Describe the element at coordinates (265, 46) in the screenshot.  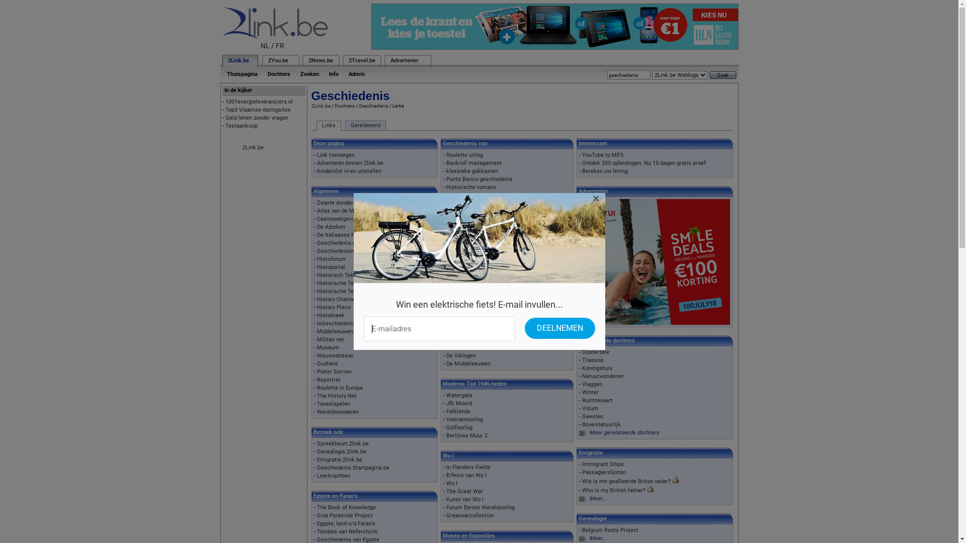
I see `'NL'` at that location.